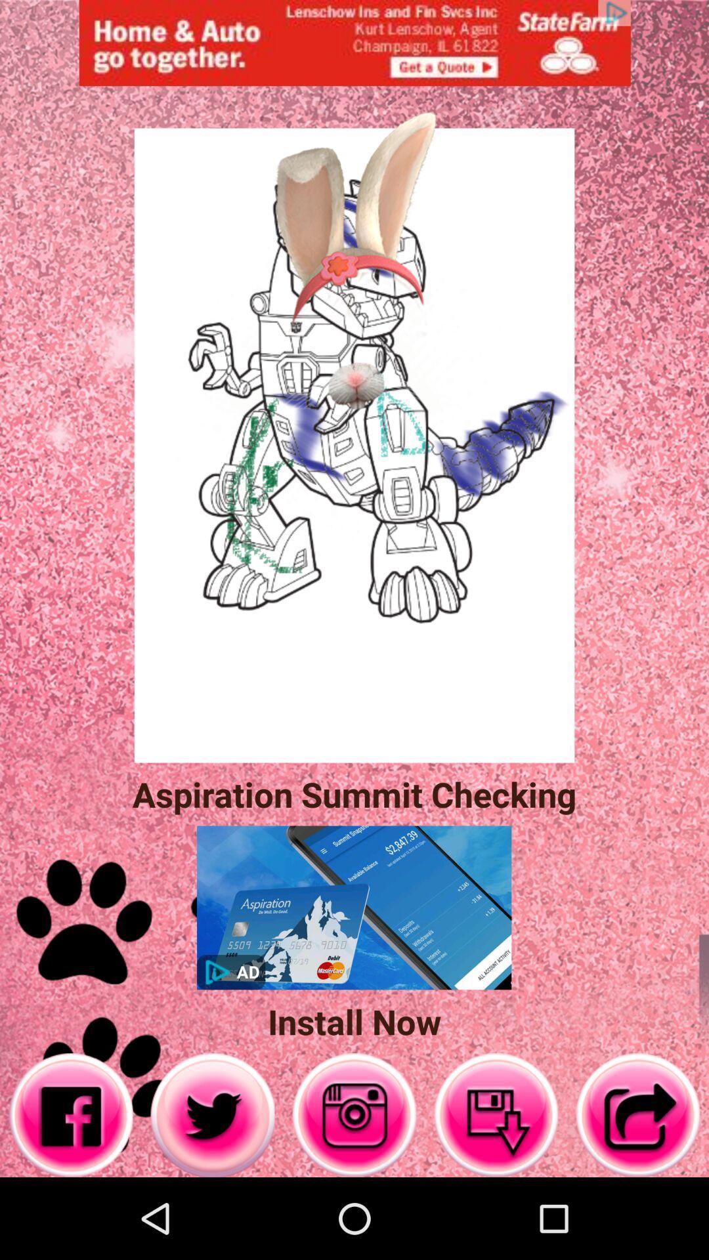 This screenshot has height=1260, width=709. Describe the element at coordinates (637, 1114) in the screenshot. I see `the button which is at the bottom right corner of the page` at that location.